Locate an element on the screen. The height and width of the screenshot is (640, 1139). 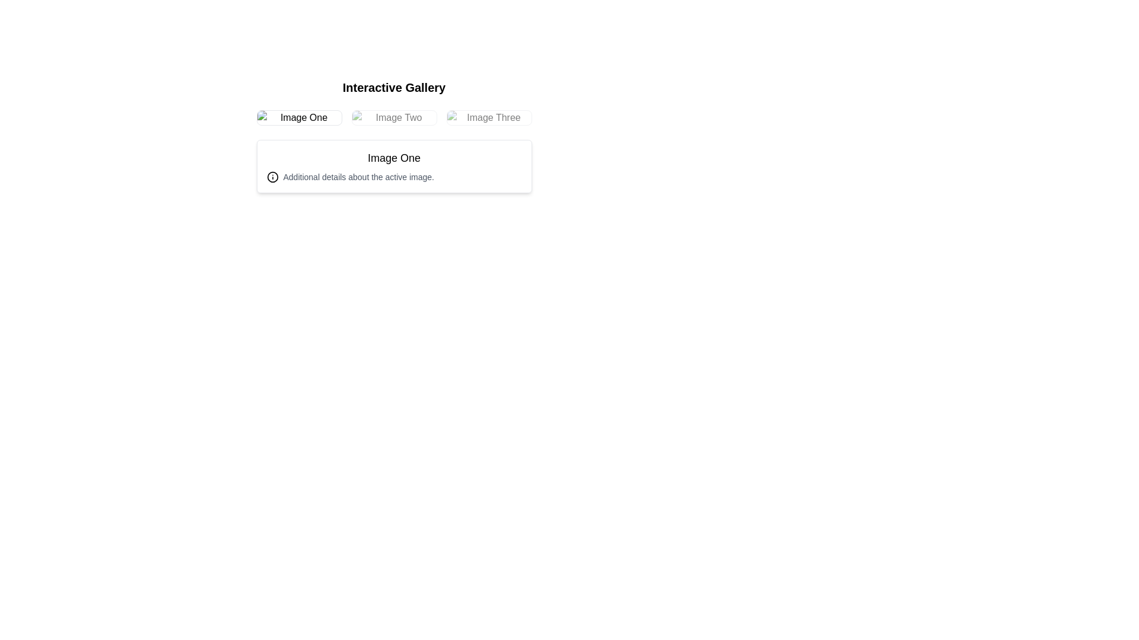
the second image in the grid layout of the Interactive Gallery, which is located between 'Image One' and 'Image Three' is located at coordinates (394, 118).